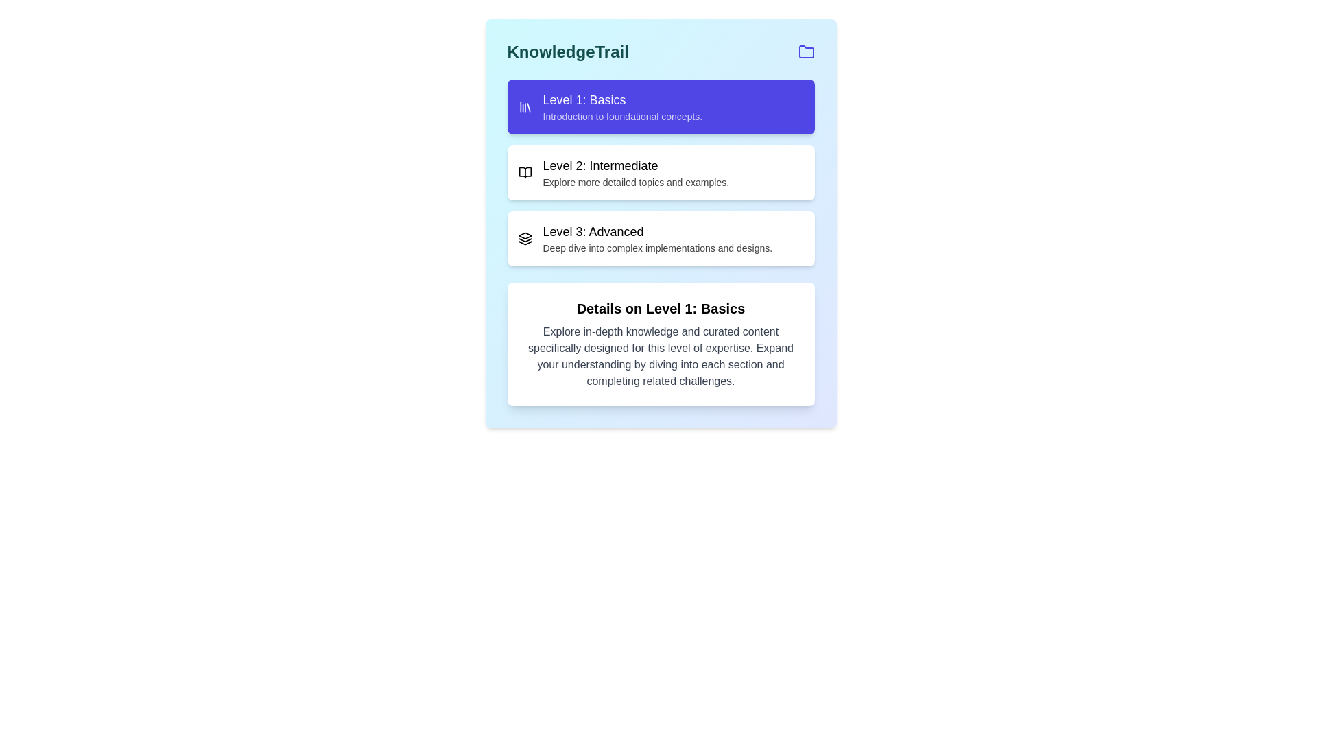 The height and width of the screenshot is (741, 1317). Describe the element at coordinates (806, 51) in the screenshot. I see `the indigo-colored folder icon located in the top-right corner of the interface` at that location.